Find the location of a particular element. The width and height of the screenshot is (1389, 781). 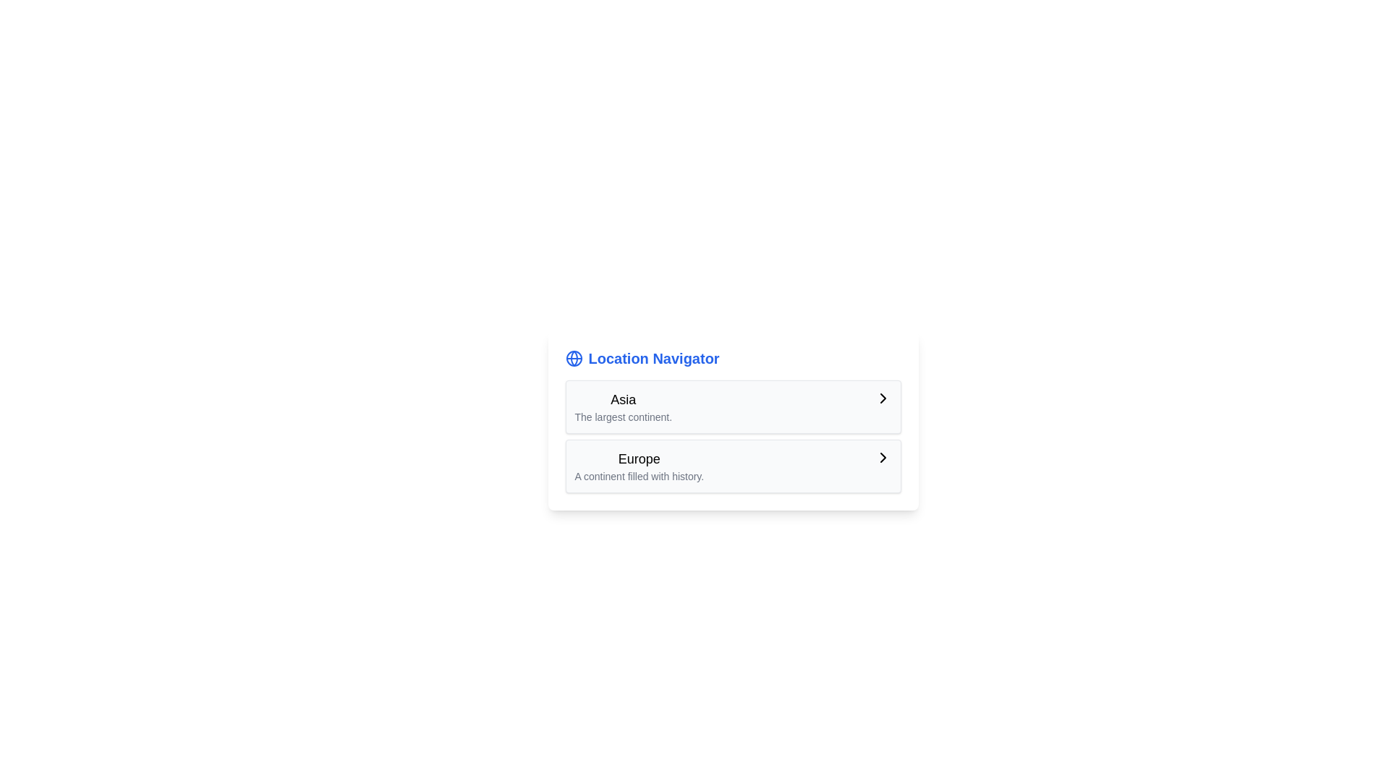

the first list item representing the region 'Asia' is located at coordinates (623, 407).